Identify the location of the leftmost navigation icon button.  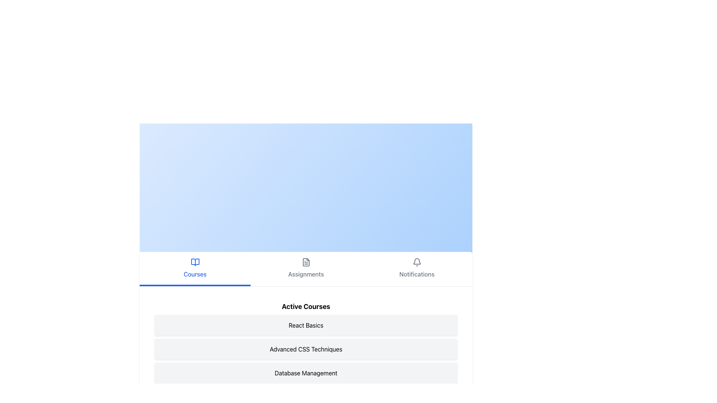
(195, 262).